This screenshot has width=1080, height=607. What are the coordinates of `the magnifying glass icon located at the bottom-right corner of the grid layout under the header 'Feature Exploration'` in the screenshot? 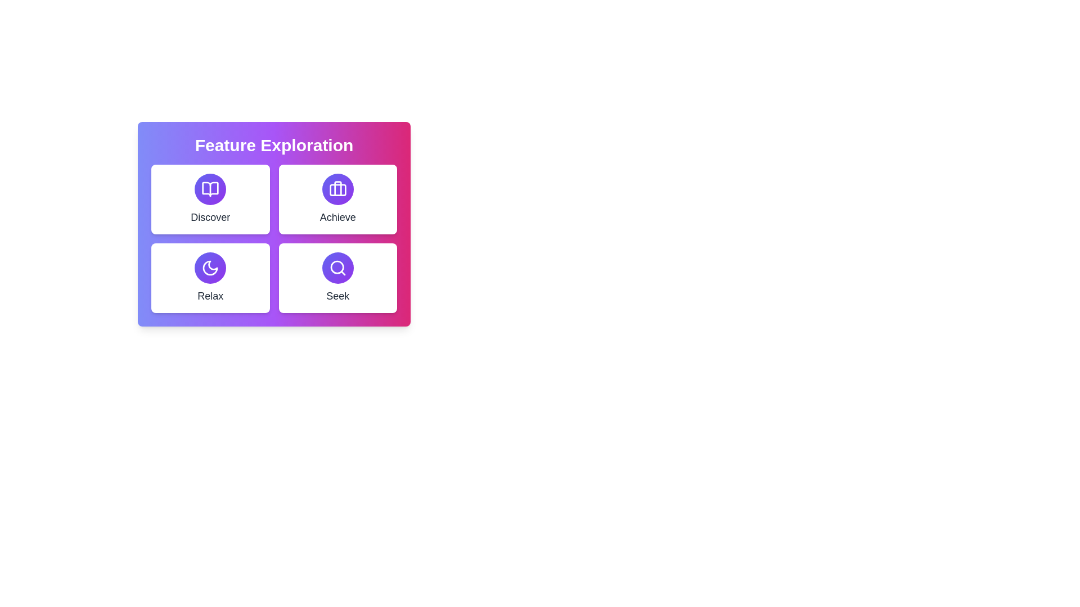 It's located at (337, 268).